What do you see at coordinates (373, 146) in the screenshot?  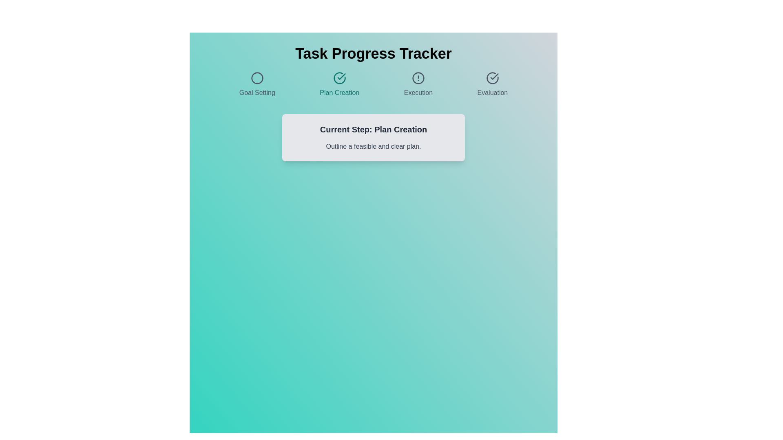 I see `the description area of the current step to focus on it` at bounding box center [373, 146].